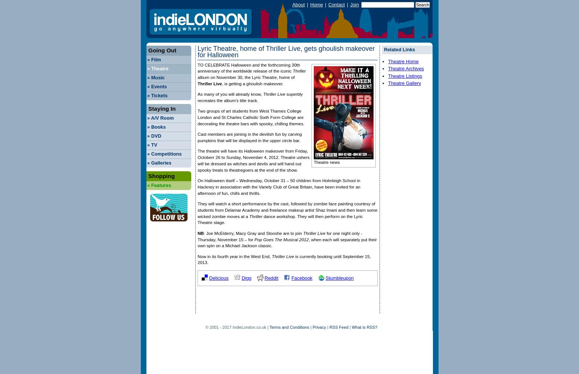 The height and width of the screenshot is (374, 579). I want to click on 'Books', so click(158, 126).